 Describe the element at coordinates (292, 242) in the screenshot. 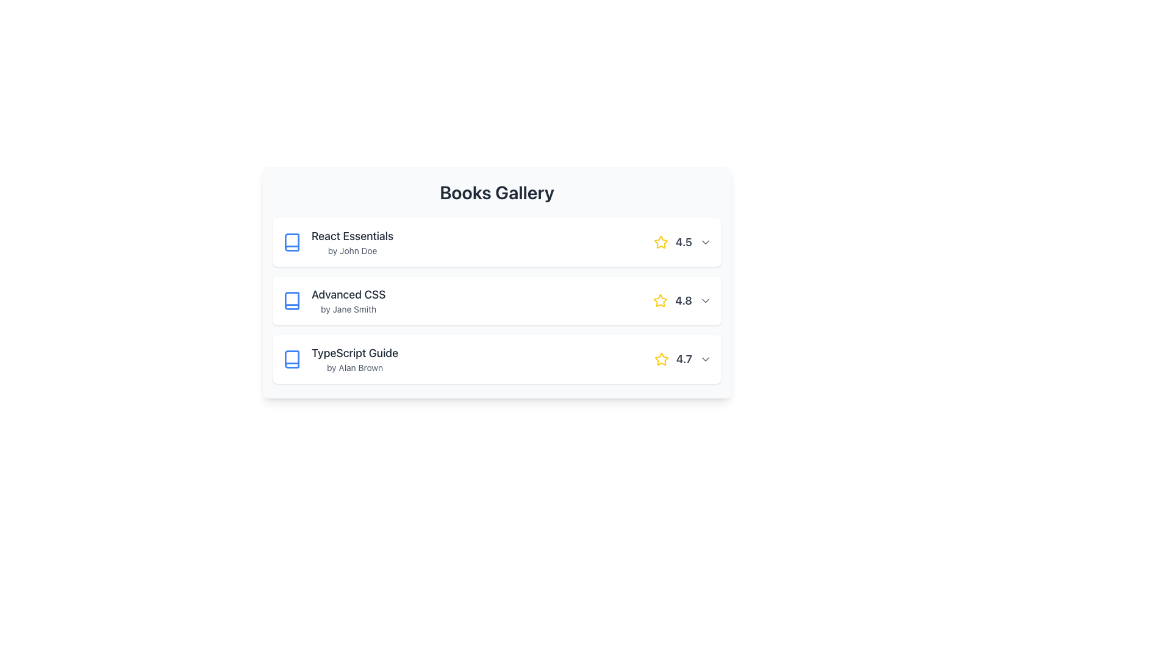

I see `the icon representing the book 'React Essentials' located in the first book entry of the 'Books Gallery' section, immediately left of the text 'React Essentials by John Doe'` at that location.